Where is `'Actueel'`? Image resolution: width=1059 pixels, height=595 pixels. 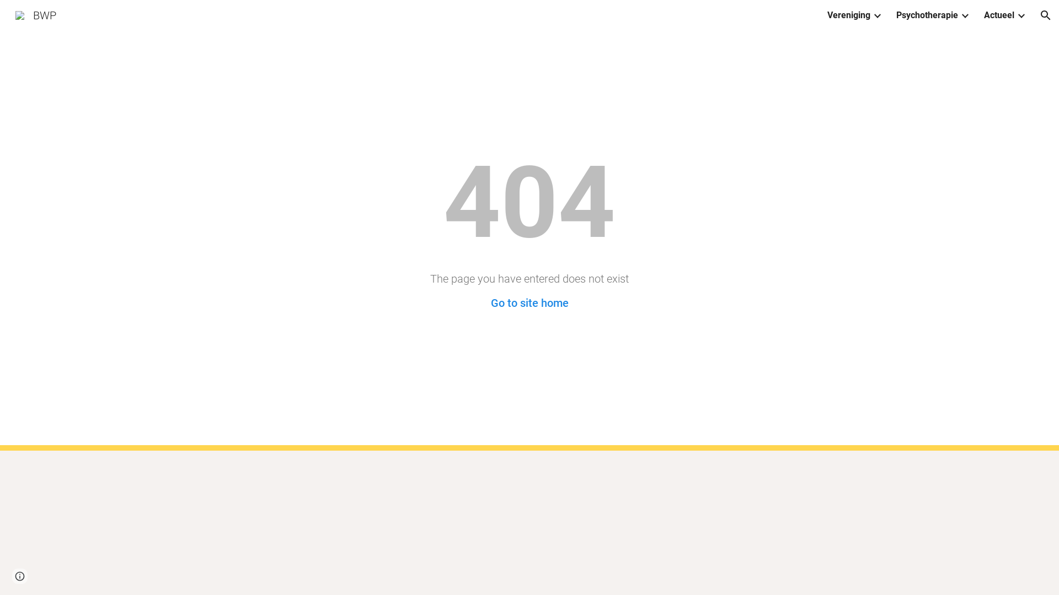 'Actueel' is located at coordinates (984, 15).